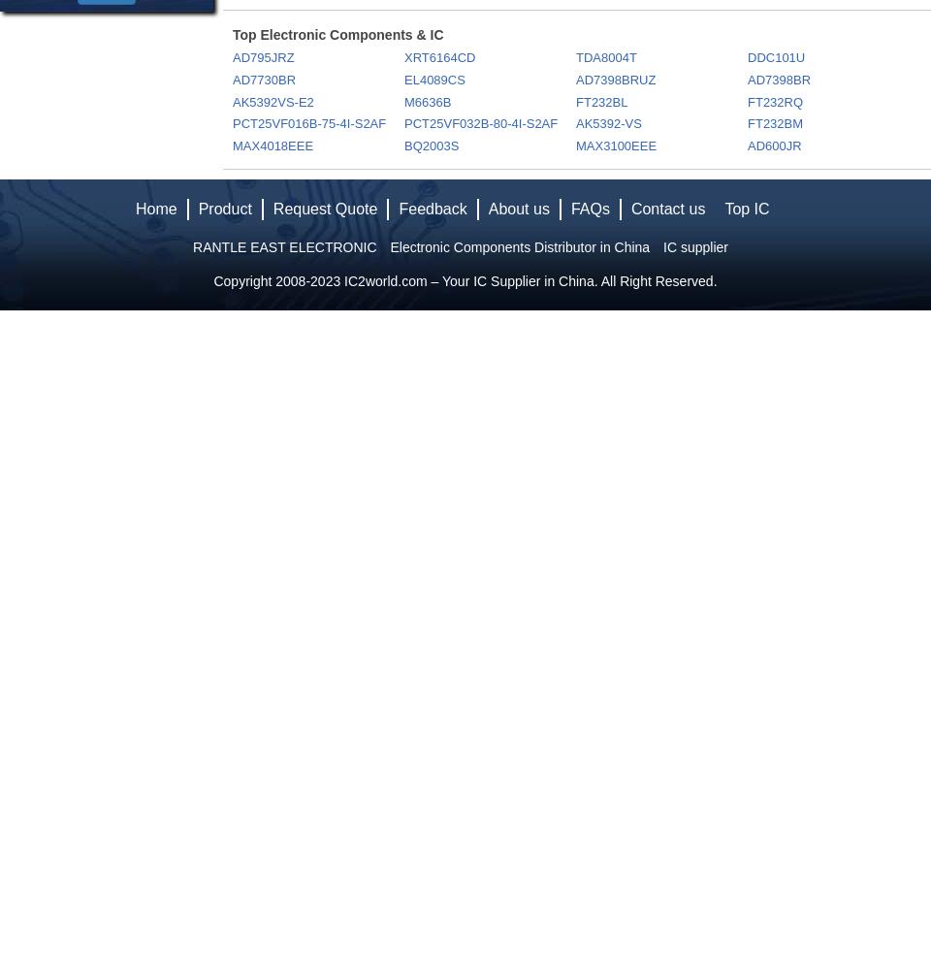 The width and height of the screenshot is (931, 970). What do you see at coordinates (695, 247) in the screenshot?
I see `'IC supplier'` at bounding box center [695, 247].